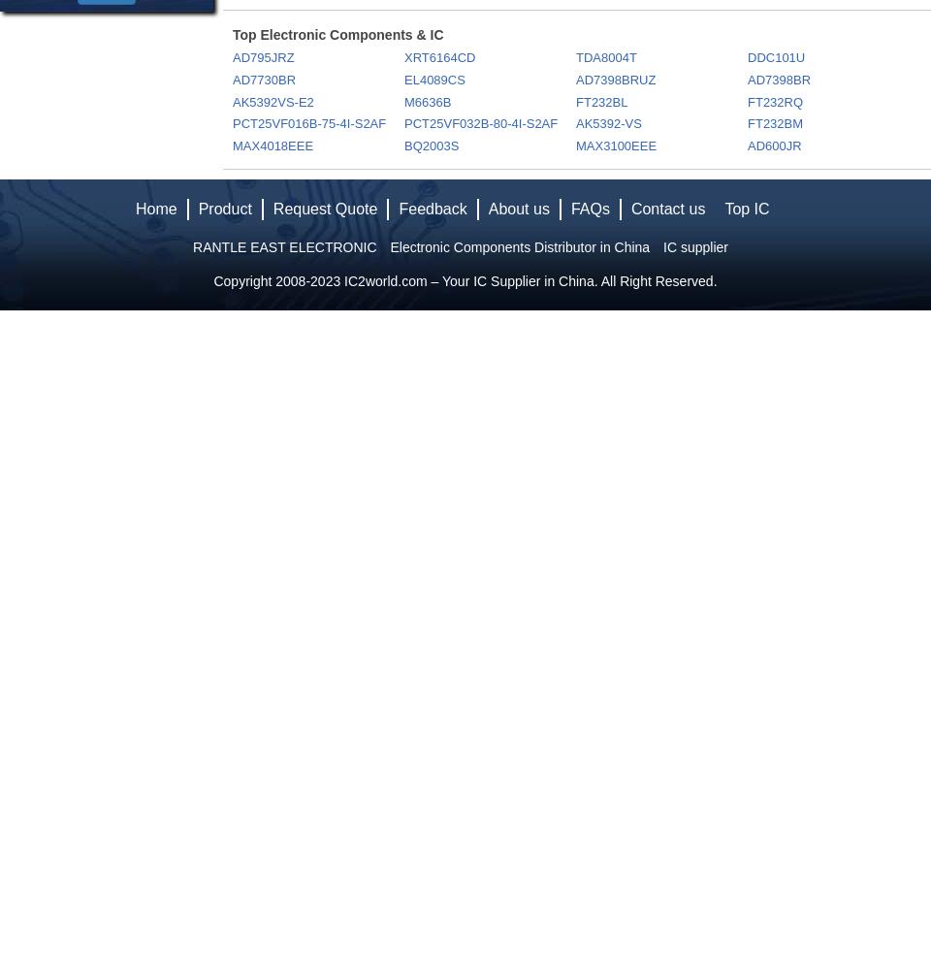 The width and height of the screenshot is (931, 970). What do you see at coordinates (695, 247) in the screenshot?
I see `'IC supplier'` at bounding box center [695, 247].